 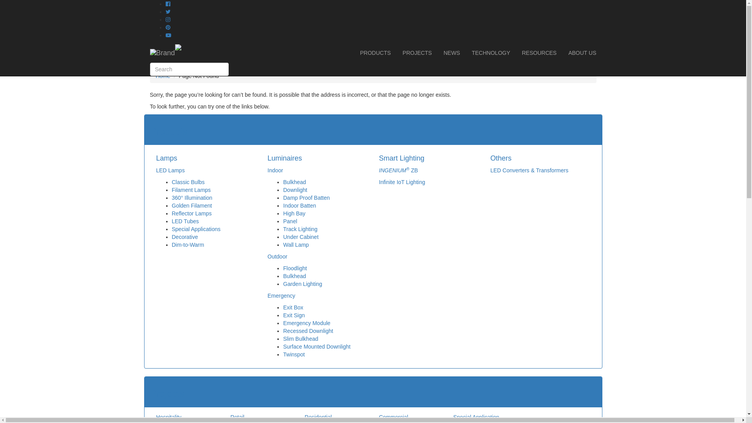 What do you see at coordinates (539, 53) in the screenshot?
I see `'RESOURCES'` at bounding box center [539, 53].